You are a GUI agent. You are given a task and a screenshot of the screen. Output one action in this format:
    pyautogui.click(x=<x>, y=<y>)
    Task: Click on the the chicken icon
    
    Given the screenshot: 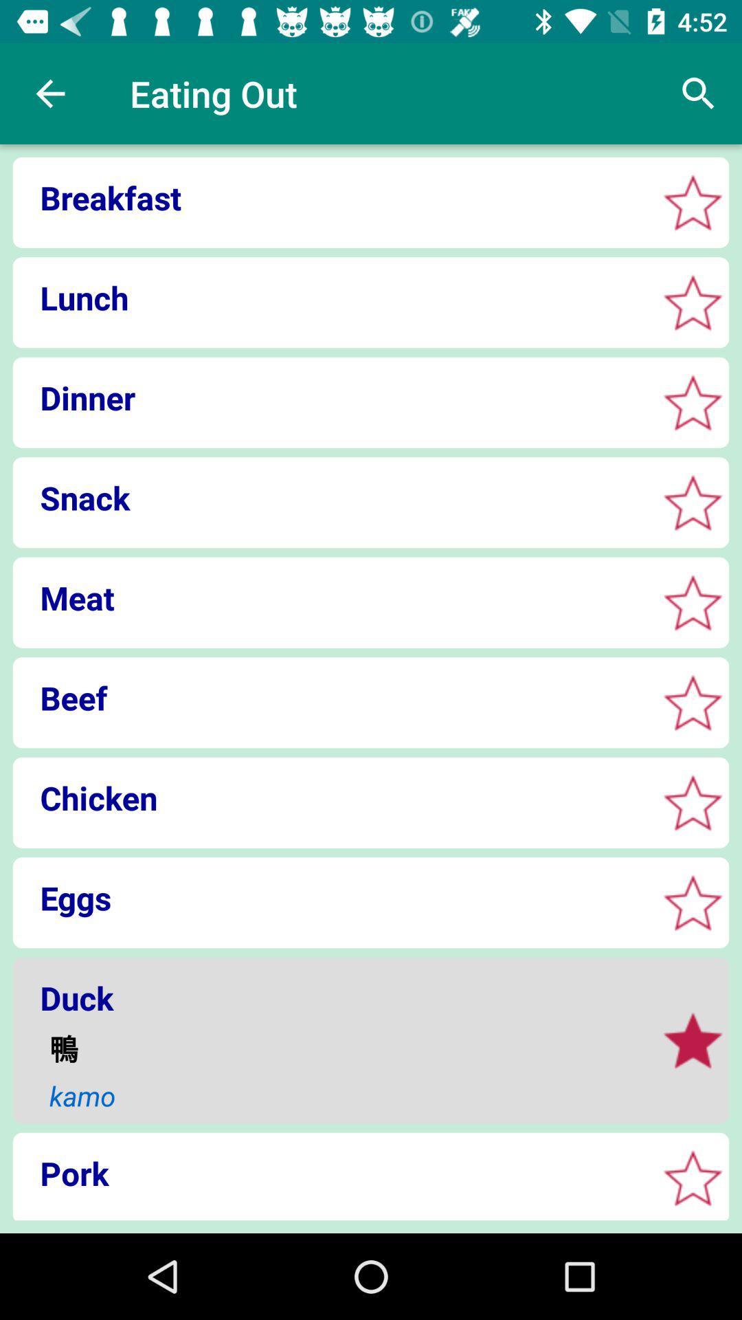 What is the action you would take?
    pyautogui.click(x=330, y=797)
    